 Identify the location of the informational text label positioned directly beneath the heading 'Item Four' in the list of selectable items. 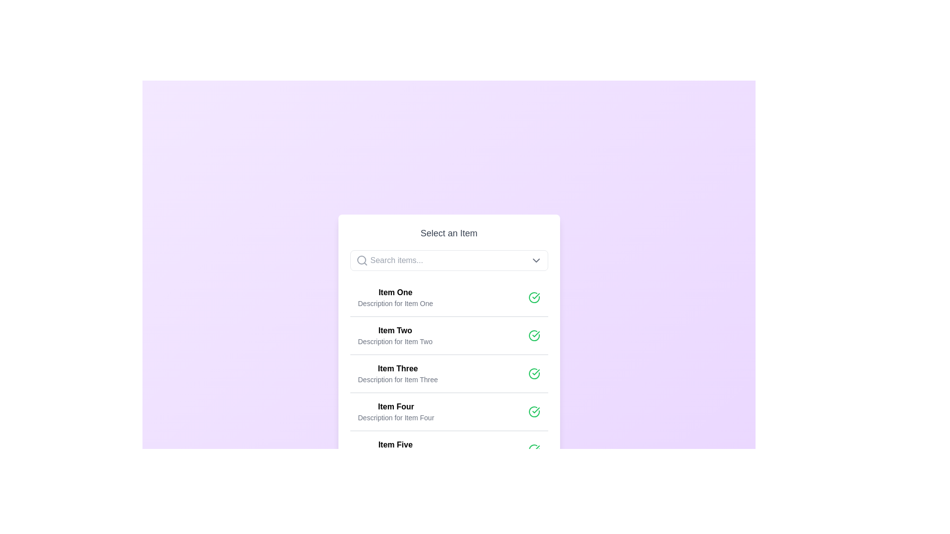
(396, 417).